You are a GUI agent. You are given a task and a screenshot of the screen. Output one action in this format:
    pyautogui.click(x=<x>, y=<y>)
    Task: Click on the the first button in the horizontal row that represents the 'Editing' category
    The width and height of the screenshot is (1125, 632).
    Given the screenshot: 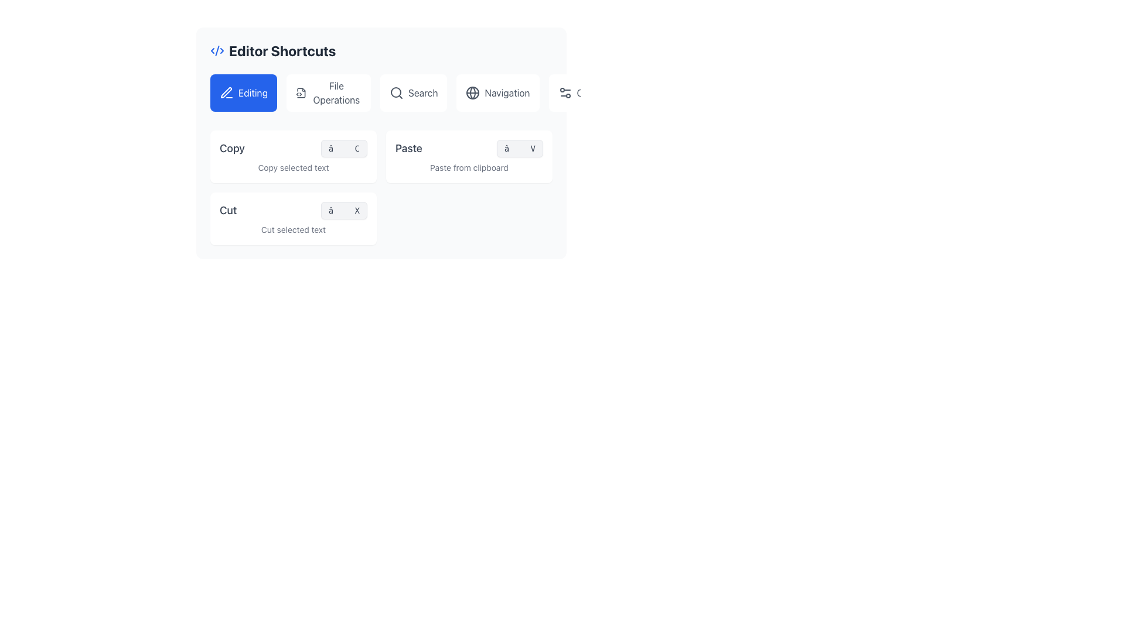 What is the action you would take?
    pyautogui.click(x=243, y=92)
    